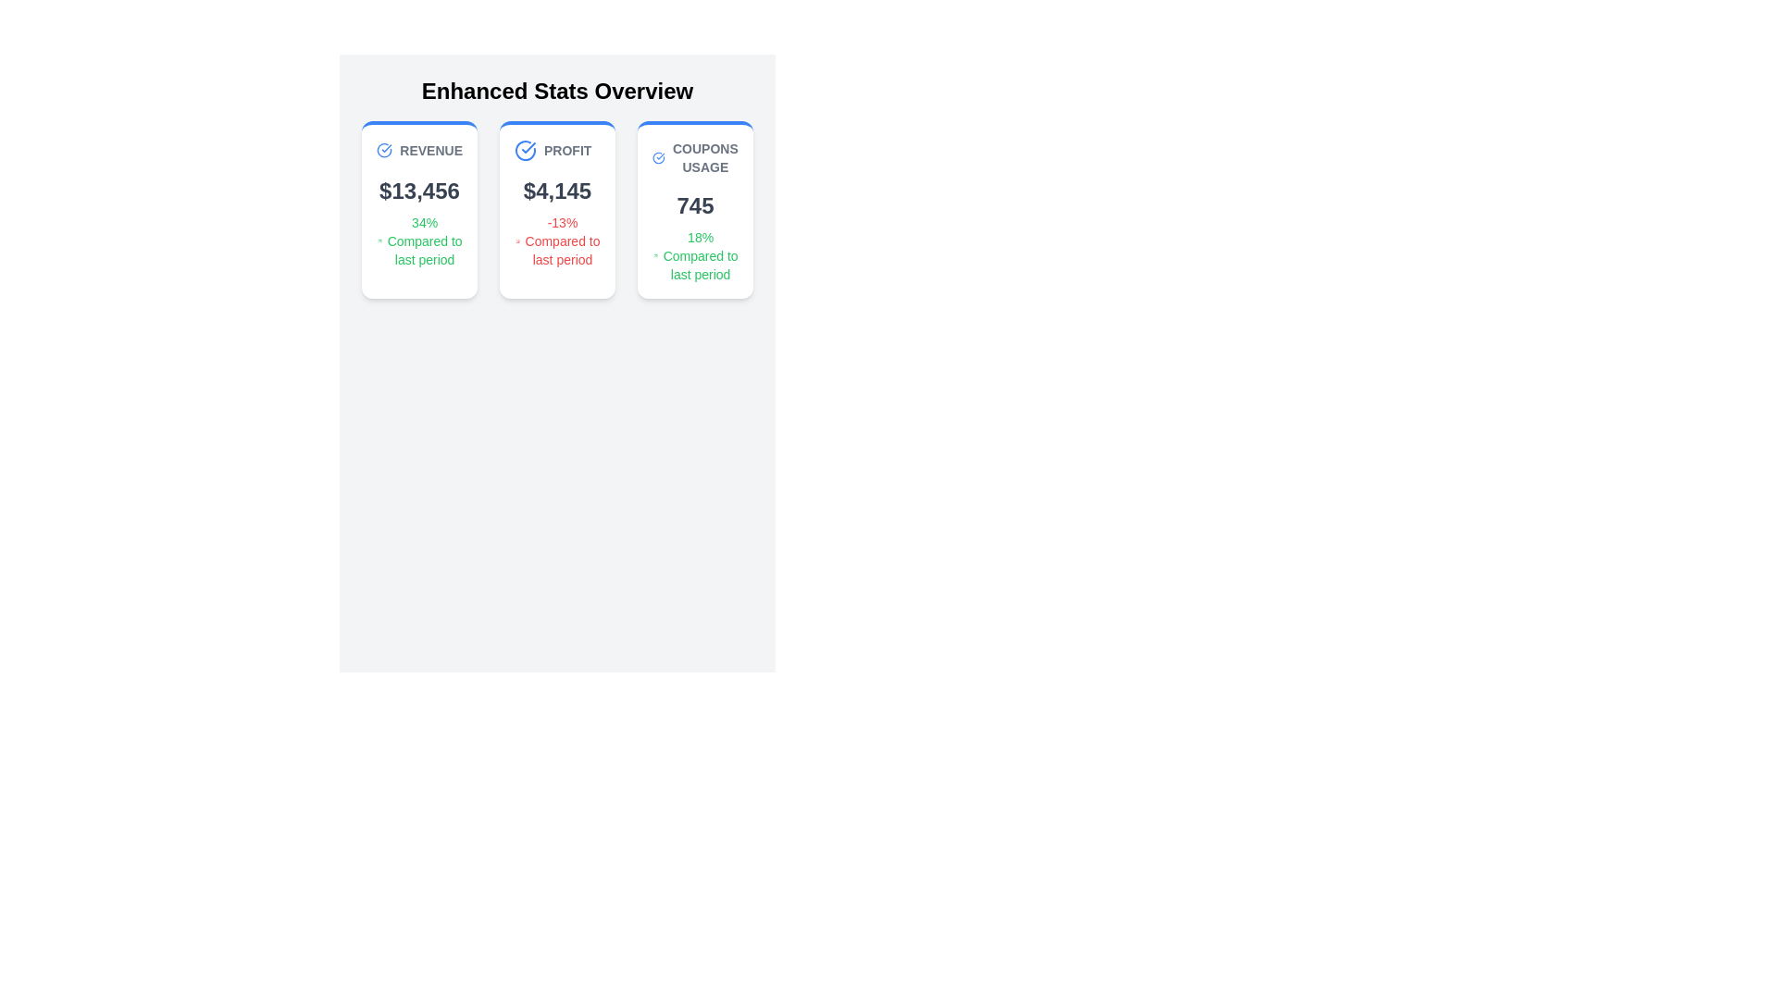 The width and height of the screenshot is (1777, 999). What do you see at coordinates (418, 240) in the screenshot?
I see `the informational text reading '34% Compared to last period' with a green upward-right arrow icon, located within the 'REVENUE' card, positioned directly below the large text '$13,456'` at bounding box center [418, 240].